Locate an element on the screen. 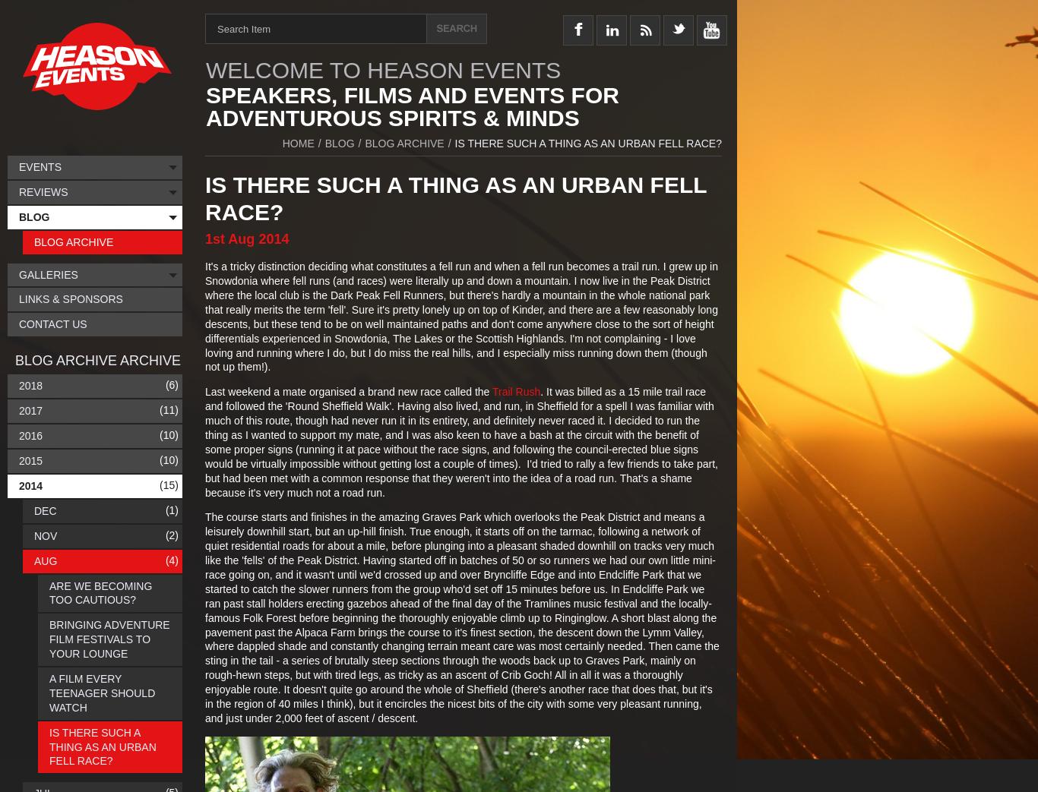  '2016' is located at coordinates (30, 435).